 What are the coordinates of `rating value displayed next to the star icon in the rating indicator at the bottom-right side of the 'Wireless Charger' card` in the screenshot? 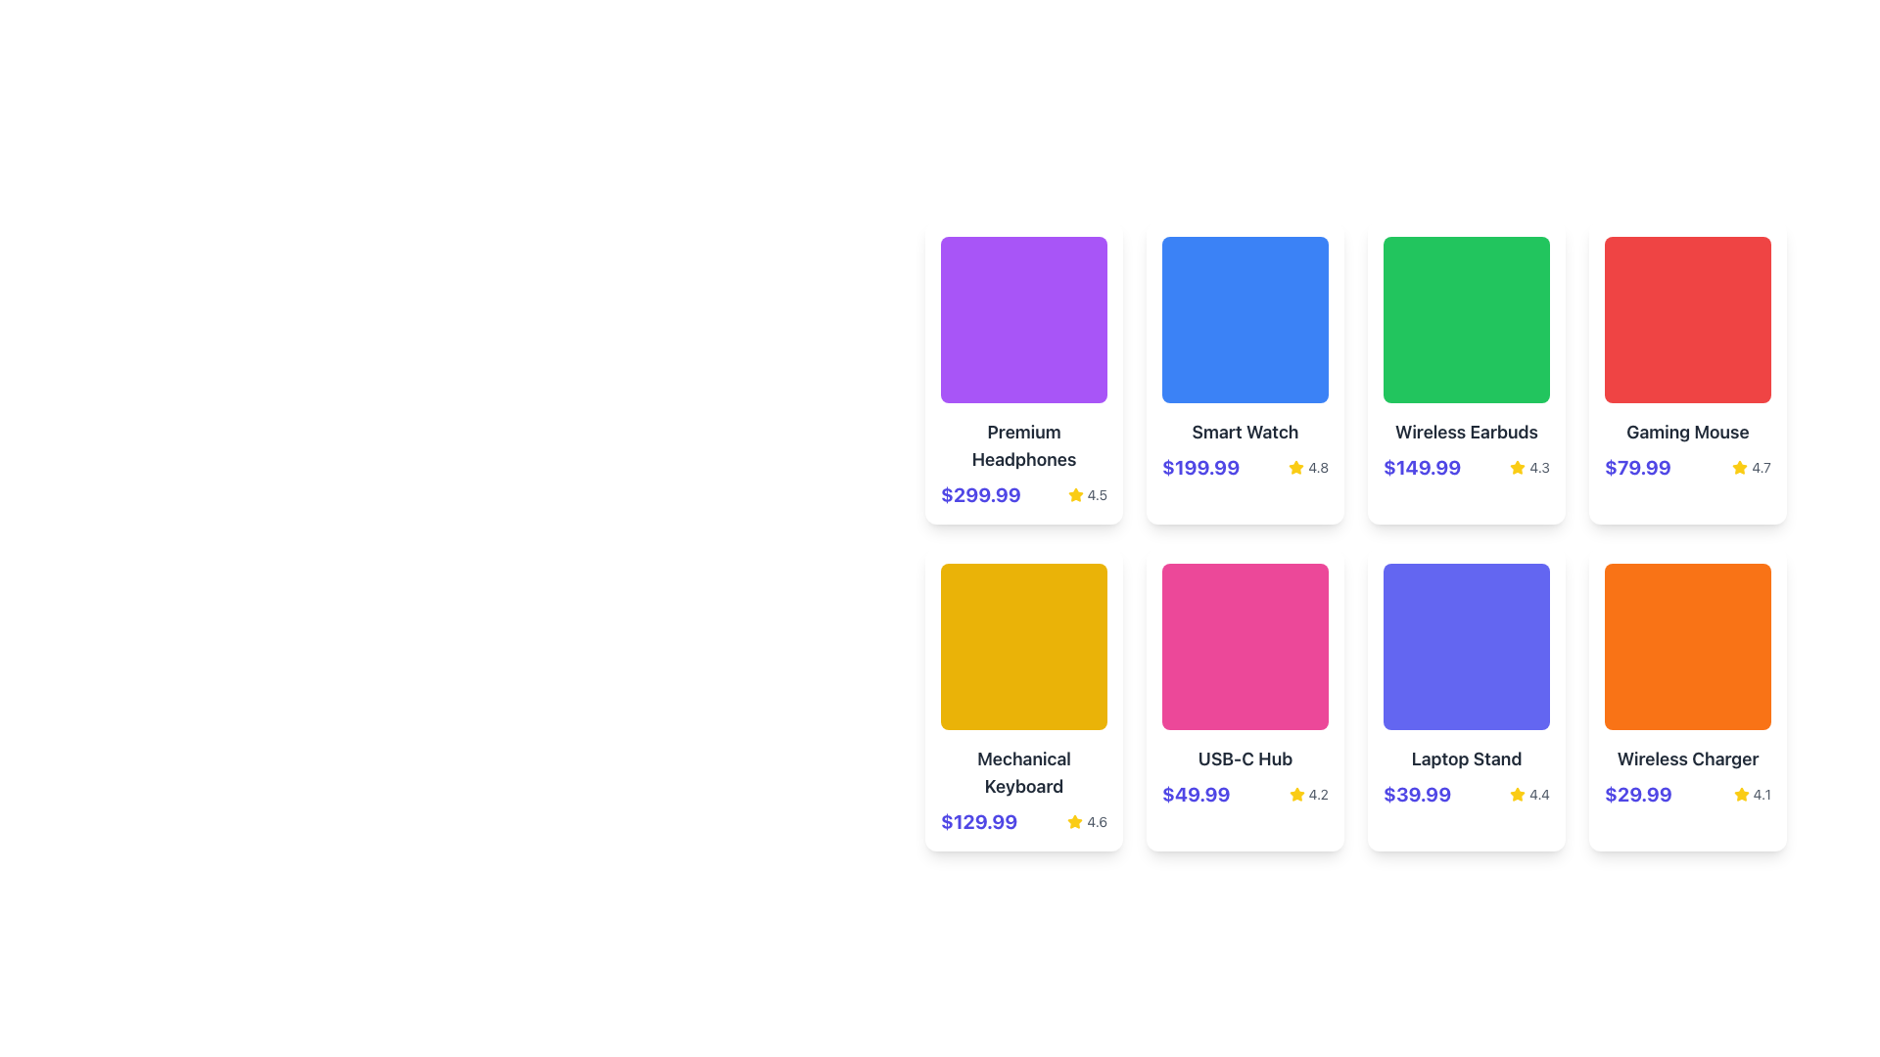 It's located at (1752, 795).